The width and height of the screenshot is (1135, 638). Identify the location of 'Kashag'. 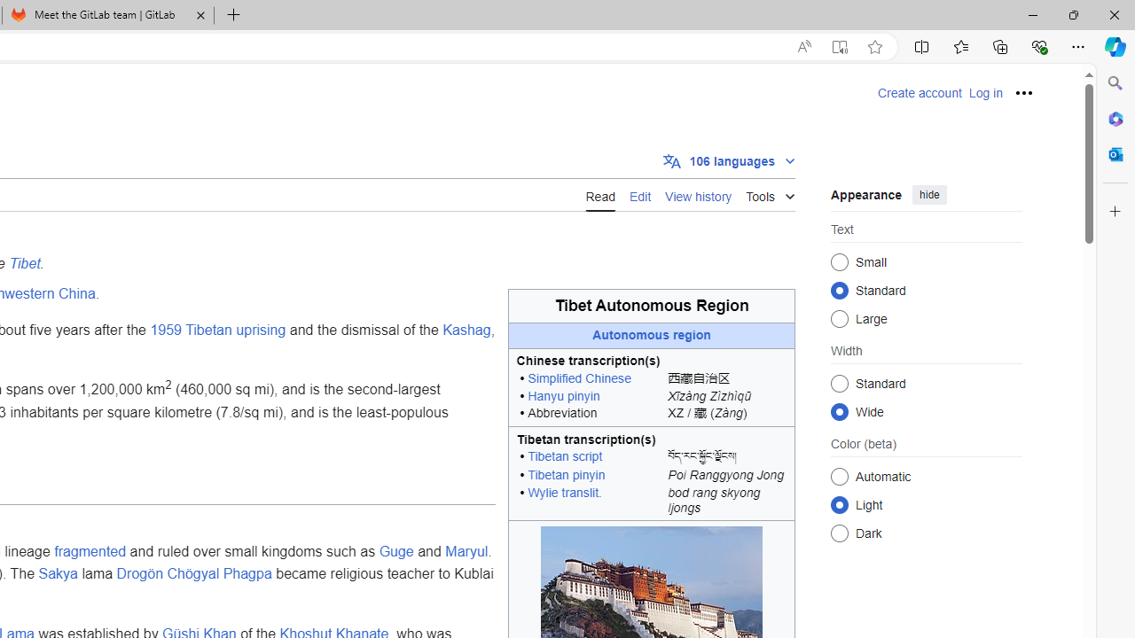
(466, 331).